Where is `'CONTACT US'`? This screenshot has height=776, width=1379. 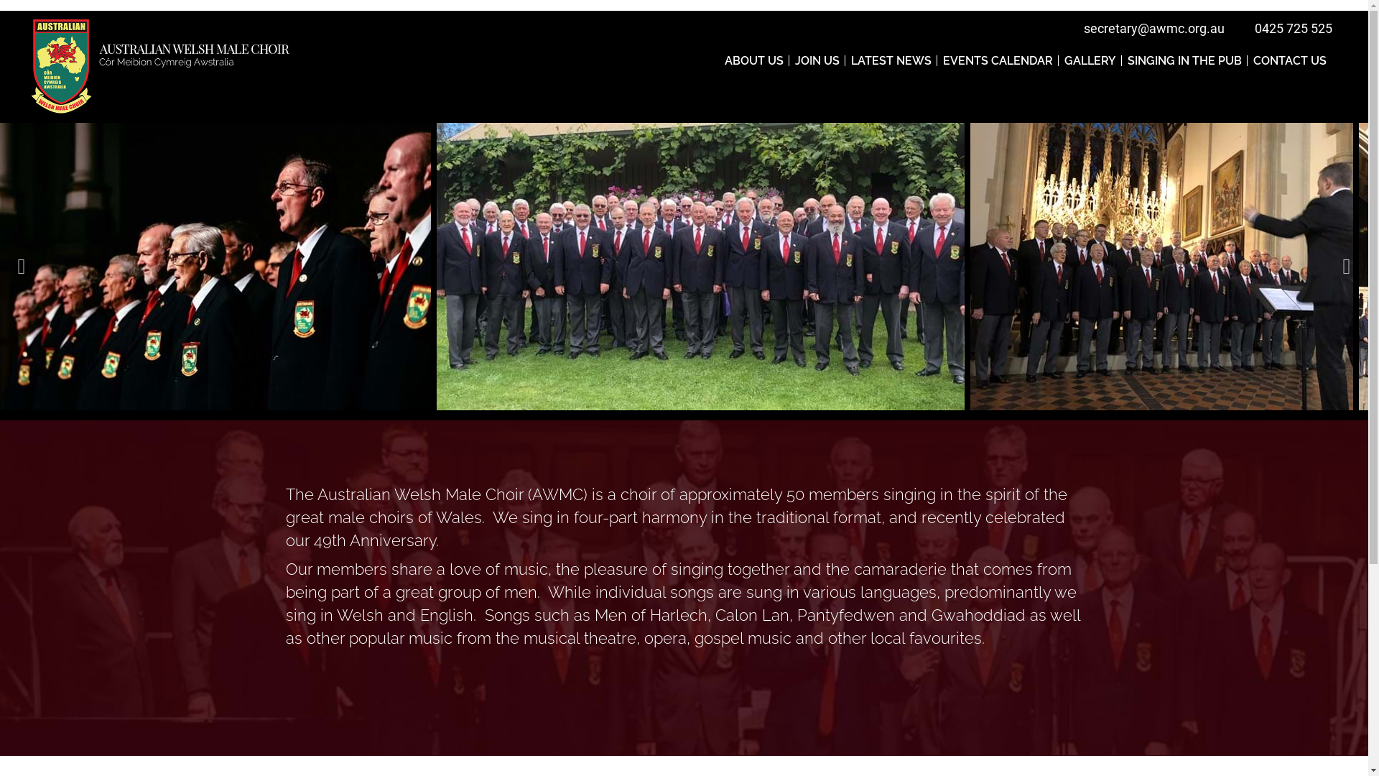 'CONTACT US' is located at coordinates (1289, 60).